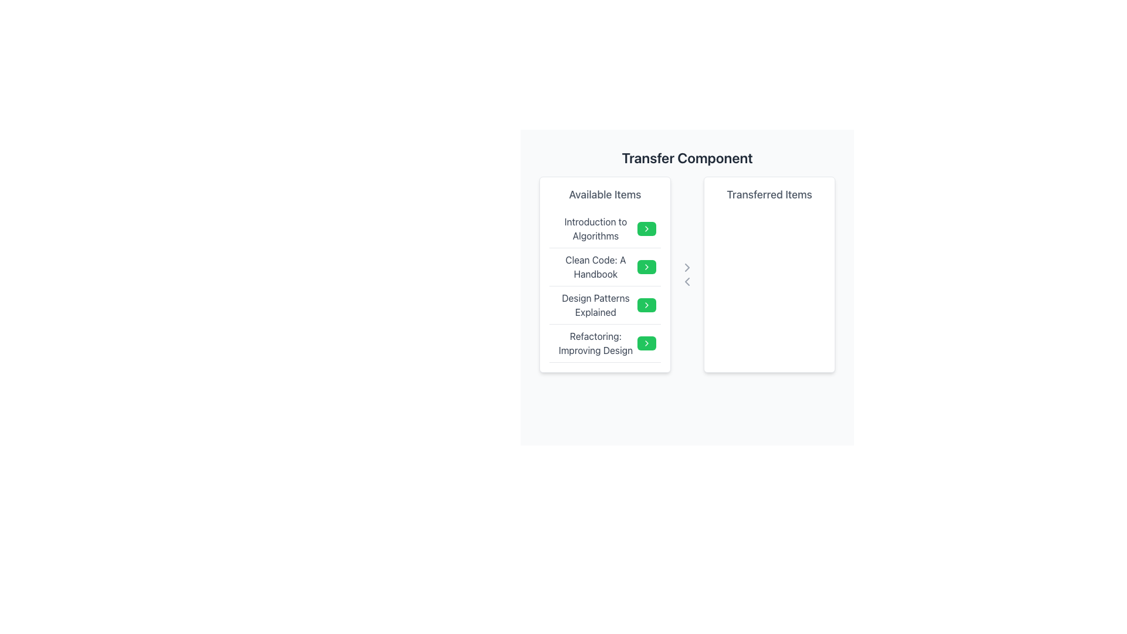  What do you see at coordinates (646, 267) in the screenshot?
I see `the icon-based button next to the 'Clean Code: A Handbook' item in the 'Available Items' column` at bounding box center [646, 267].